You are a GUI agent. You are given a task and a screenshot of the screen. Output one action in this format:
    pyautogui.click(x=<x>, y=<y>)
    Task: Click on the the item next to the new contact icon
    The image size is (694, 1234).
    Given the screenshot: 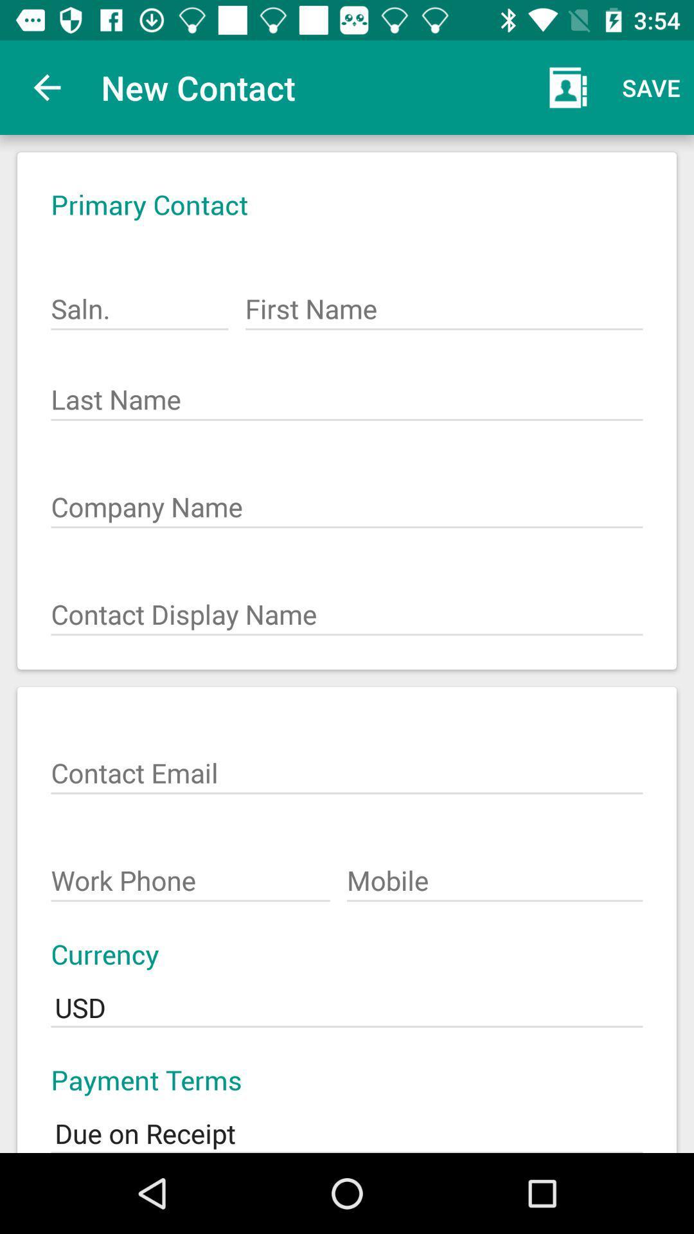 What is the action you would take?
    pyautogui.click(x=46, y=87)
    